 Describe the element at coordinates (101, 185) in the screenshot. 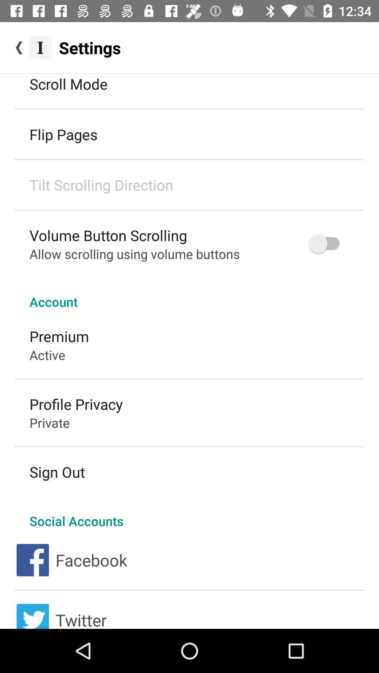

I see `the icon below flip pages icon` at that location.